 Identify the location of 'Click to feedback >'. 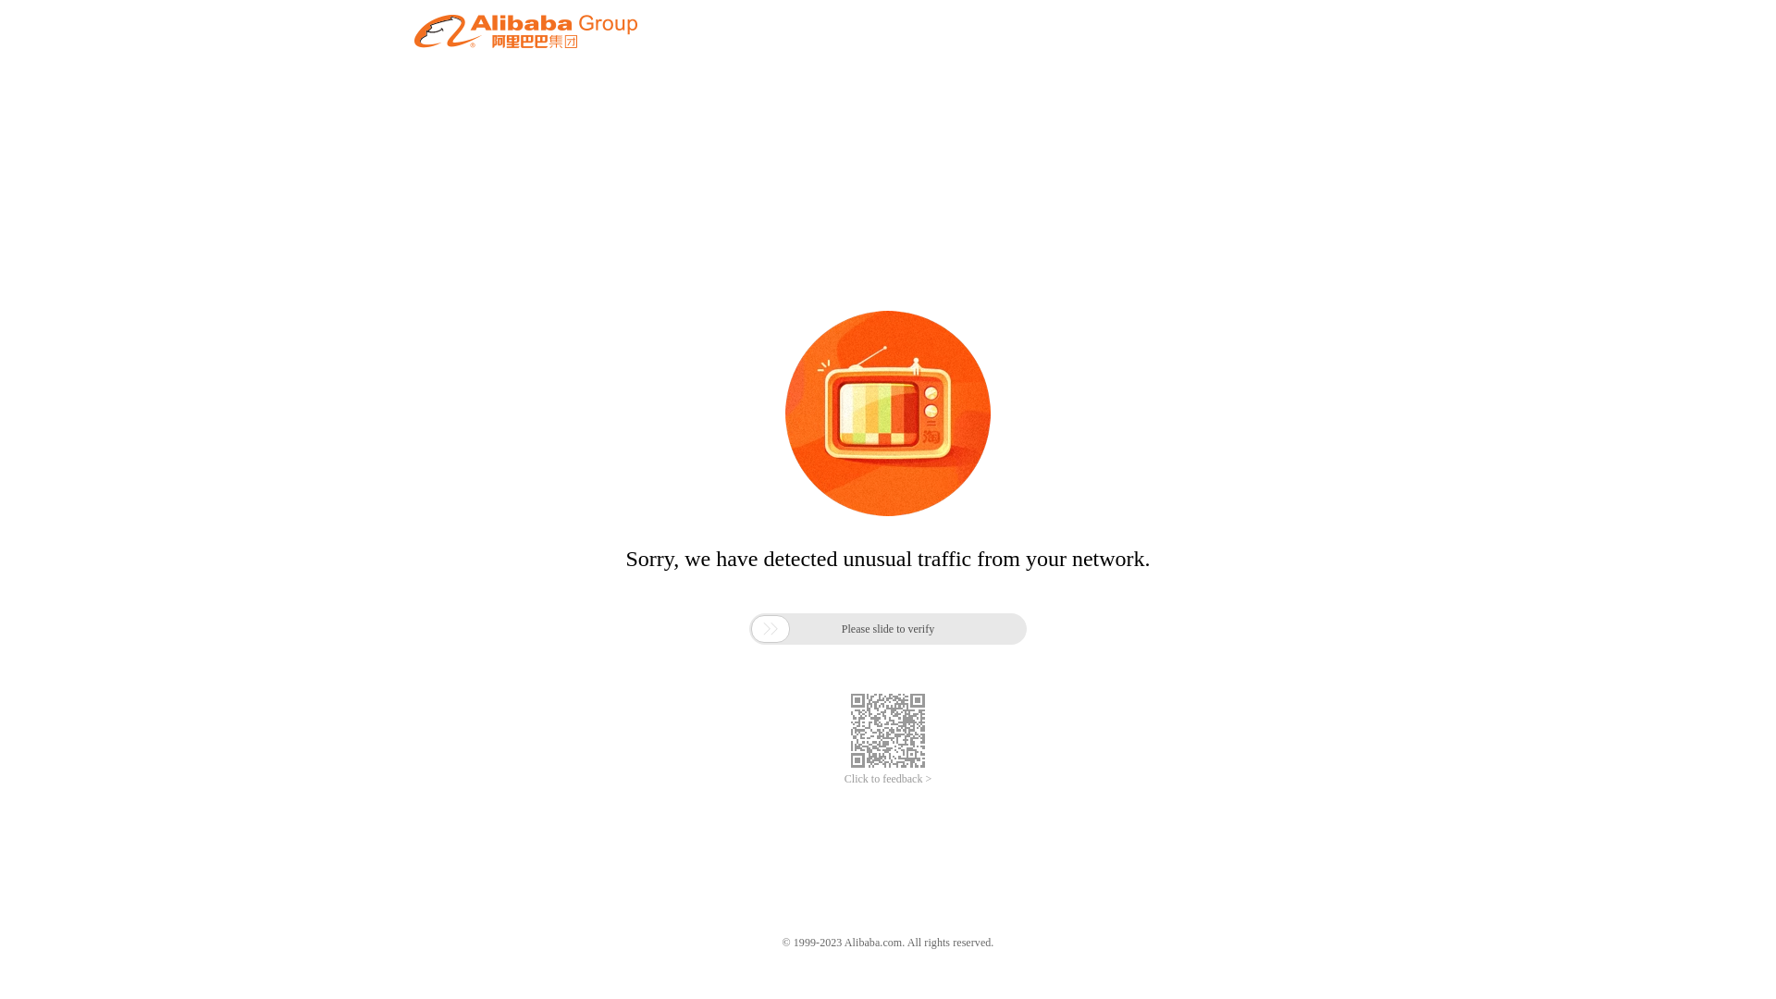
(888, 779).